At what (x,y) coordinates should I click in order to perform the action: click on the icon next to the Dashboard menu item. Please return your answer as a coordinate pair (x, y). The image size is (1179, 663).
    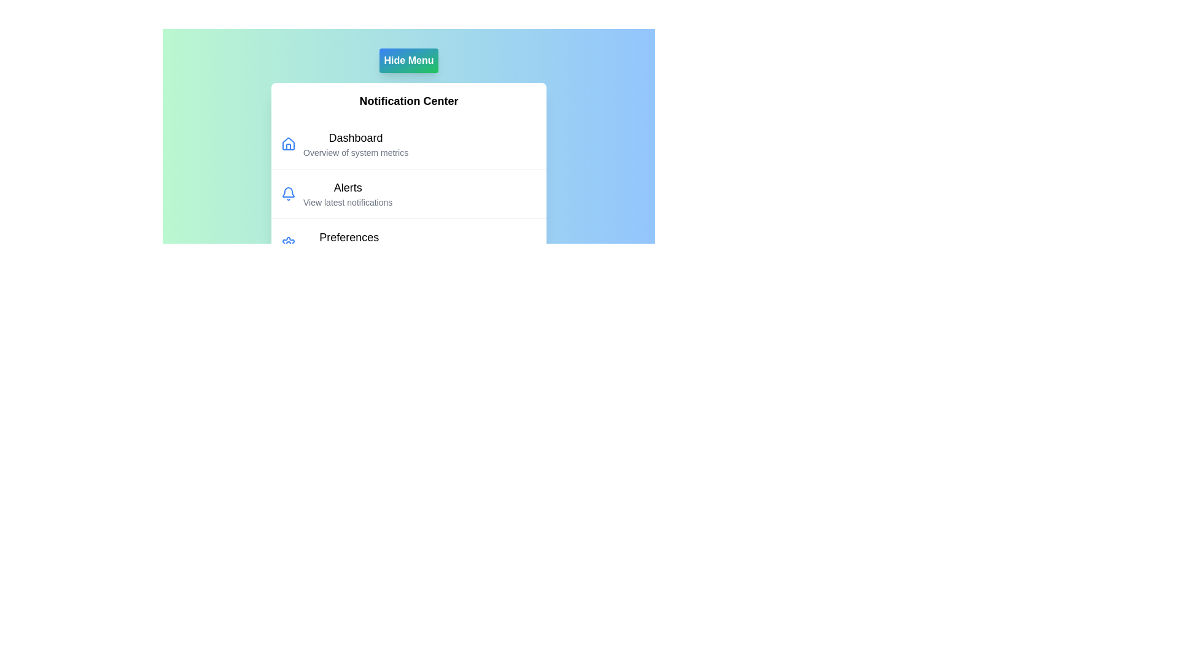
    Looking at the image, I should click on (288, 144).